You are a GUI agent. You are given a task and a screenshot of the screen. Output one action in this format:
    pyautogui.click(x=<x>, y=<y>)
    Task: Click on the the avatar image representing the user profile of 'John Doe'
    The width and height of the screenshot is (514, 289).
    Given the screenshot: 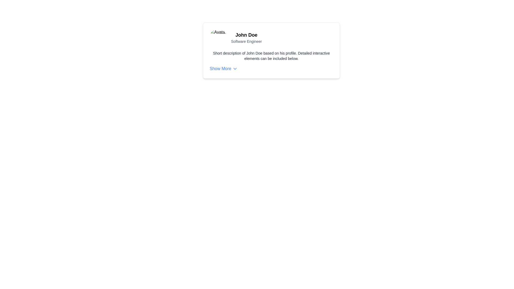 What is the action you would take?
    pyautogui.click(x=218, y=37)
    